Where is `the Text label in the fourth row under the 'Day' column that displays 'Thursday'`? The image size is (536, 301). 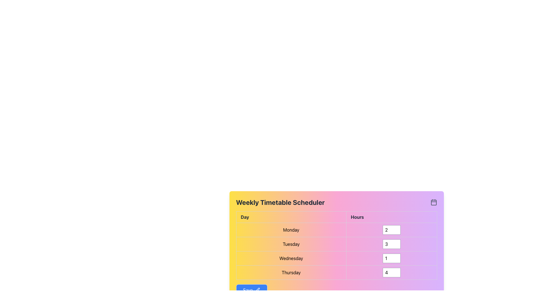 the Text label in the fourth row under the 'Day' column that displays 'Thursday' is located at coordinates (291, 272).